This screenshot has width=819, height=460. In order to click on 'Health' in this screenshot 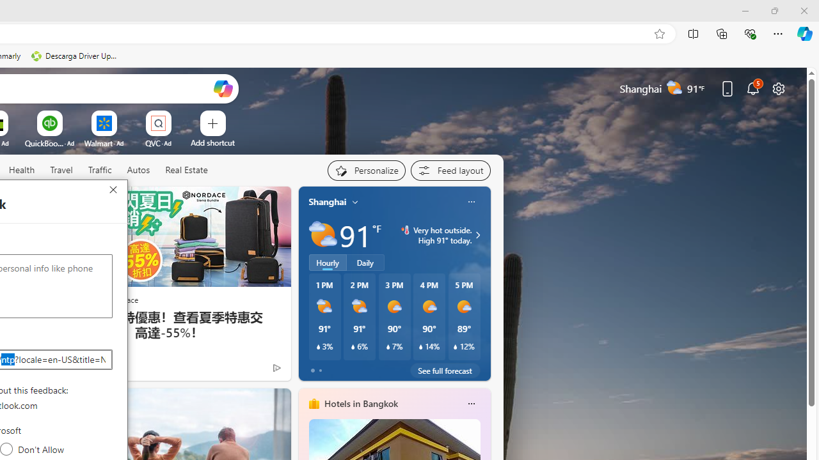, I will do `click(22, 169)`.